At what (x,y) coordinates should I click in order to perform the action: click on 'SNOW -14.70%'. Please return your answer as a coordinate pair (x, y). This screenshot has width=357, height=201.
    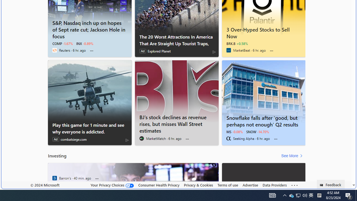
    Looking at the image, I should click on (257, 131).